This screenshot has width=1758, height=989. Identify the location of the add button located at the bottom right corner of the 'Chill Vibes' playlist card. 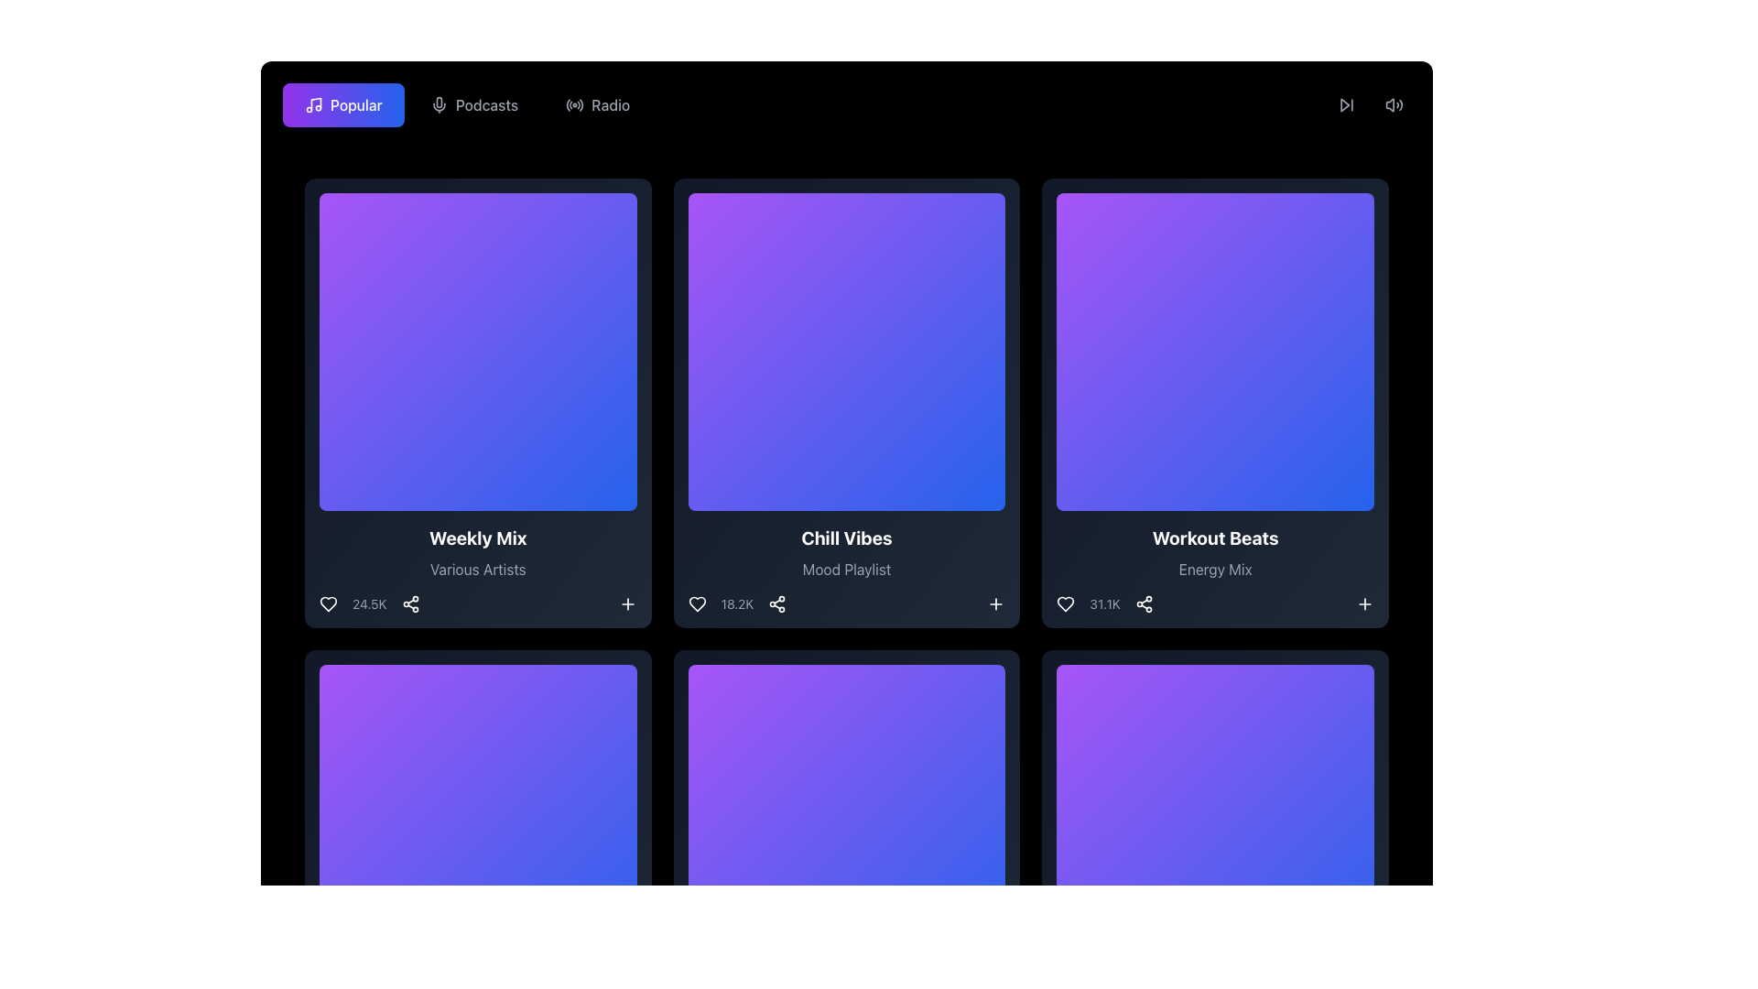
(995, 603).